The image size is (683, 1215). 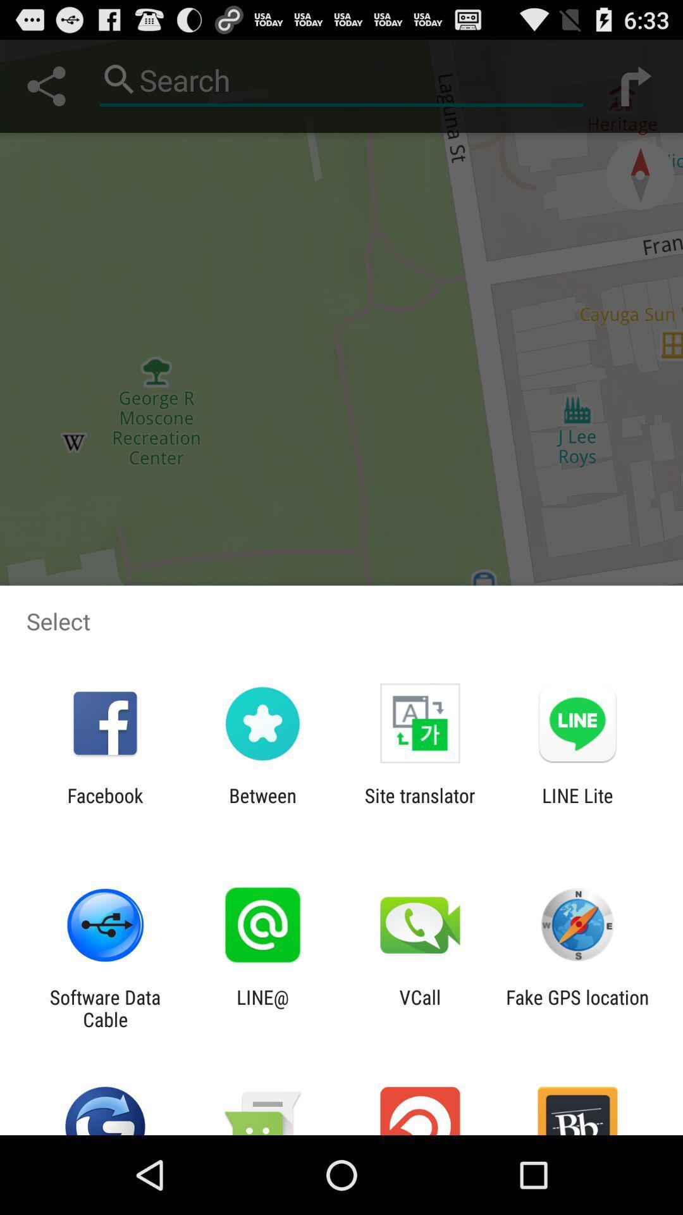 I want to click on the site translator, so click(x=420, y=806).